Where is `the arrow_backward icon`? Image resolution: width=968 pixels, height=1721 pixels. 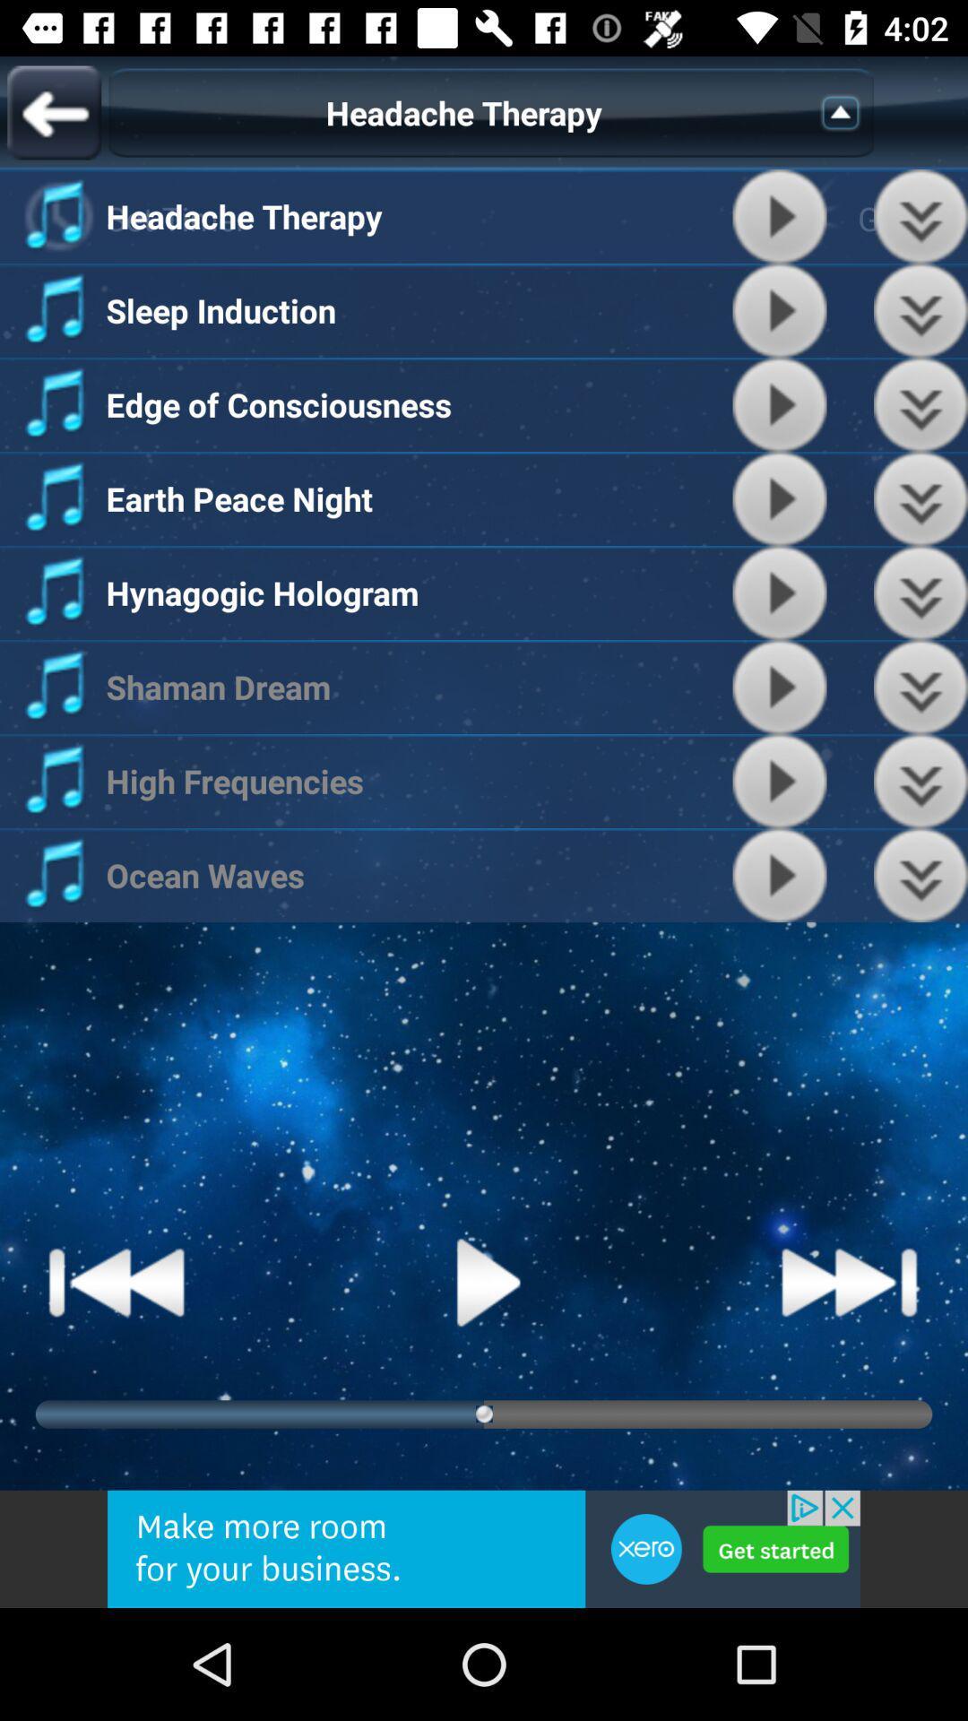 the arrow_backward icon is located at coordinates (53, 111).